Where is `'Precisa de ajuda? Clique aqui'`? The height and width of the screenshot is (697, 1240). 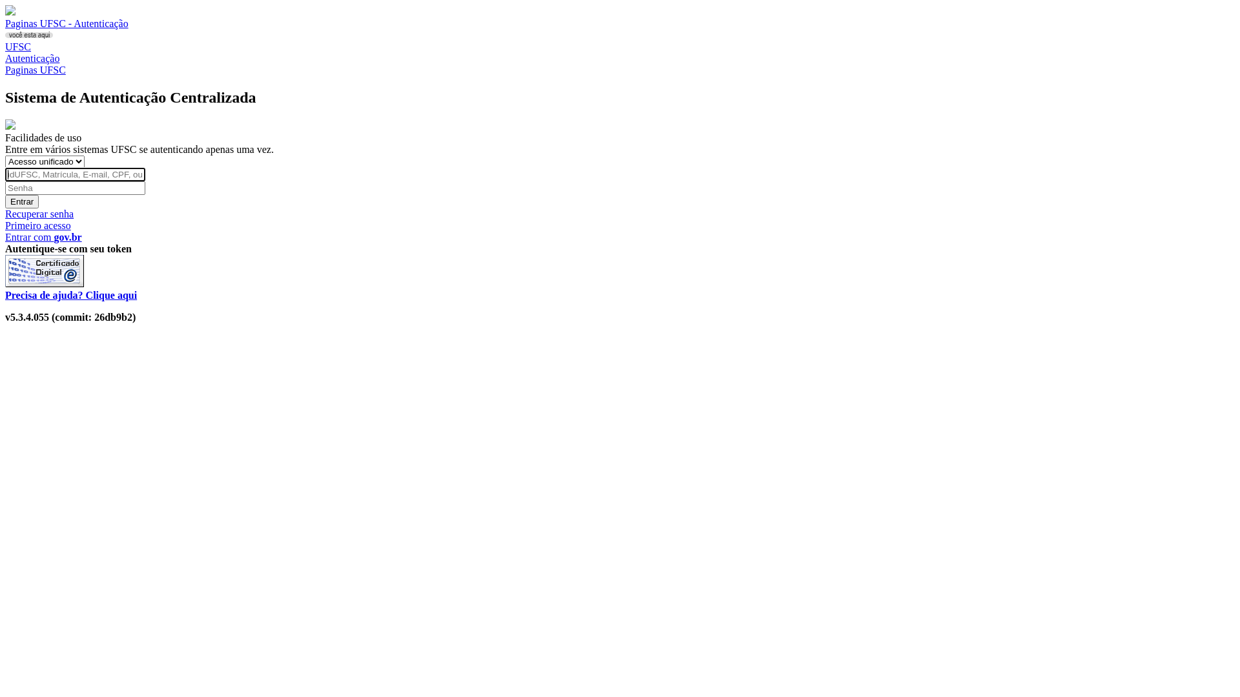
'Precisa de ajuda? Clique aqui' is located at coordinates (70, 295).